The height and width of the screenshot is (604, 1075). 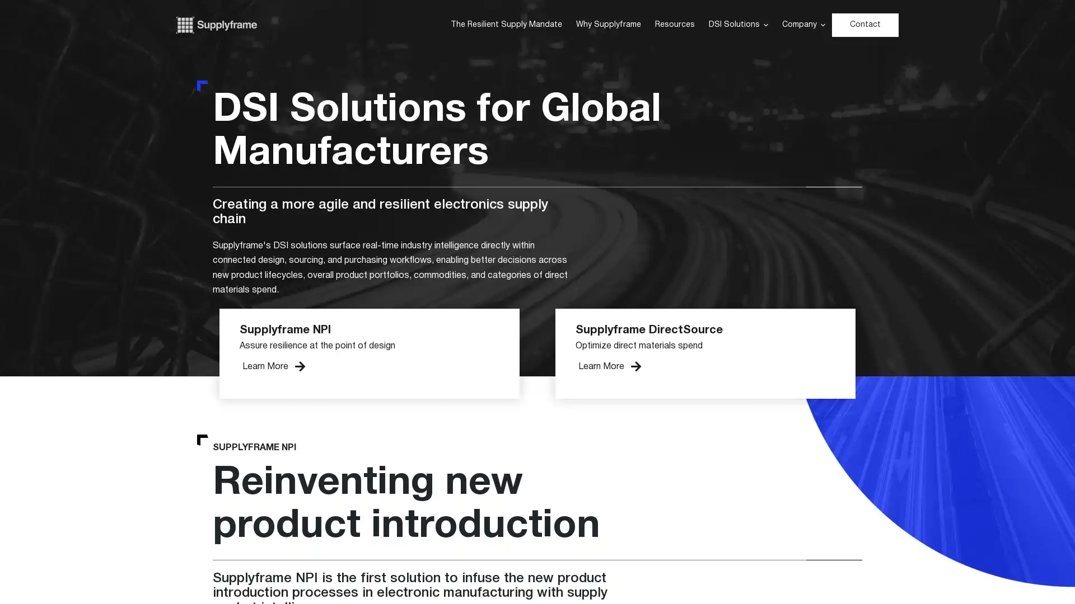 What do you see at coordinates (609, 366) in the screenshot?
I see `Learn More` at bounding box center [609, 366].